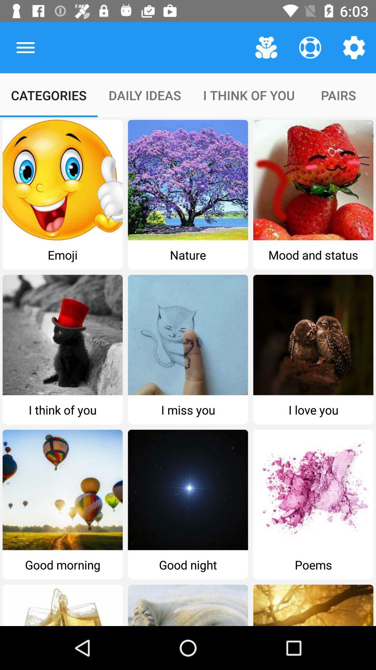 The width and height of the screenshot is (376, 670). Describe the element at coordinates (25, 47) in the screenshot. I see `item to the left of` at that location.